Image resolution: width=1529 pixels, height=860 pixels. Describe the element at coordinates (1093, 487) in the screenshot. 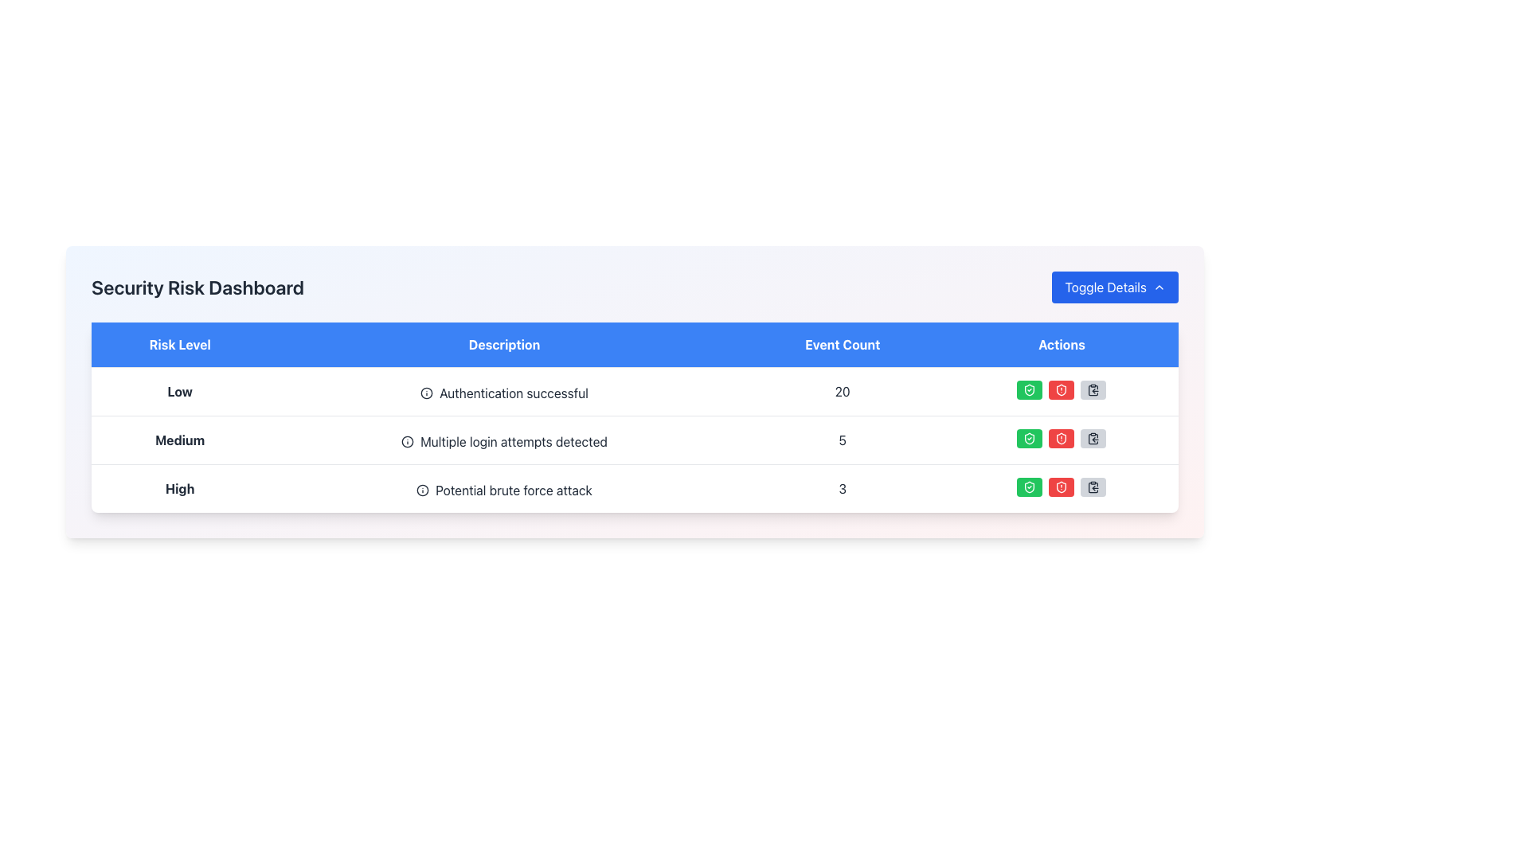

I see `the clipboard icon button in the Actions column of the High risk level row` at that location.